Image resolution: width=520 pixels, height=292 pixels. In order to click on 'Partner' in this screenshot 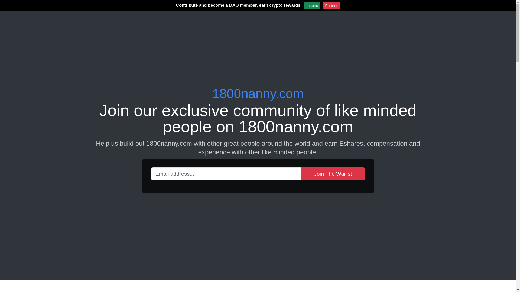, I will do `click(331, 5)`.